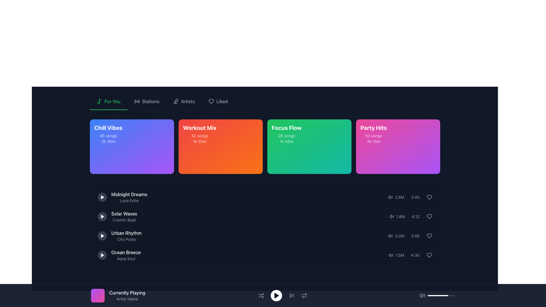  What do you see at coordinates (415, 255) in the screenshot?
I see `the text label UI component displaying the time '4:30', which is positioned to the left of an interactive heart icon and centrally aligned in a list of songs` at bounding box center [415, 255].